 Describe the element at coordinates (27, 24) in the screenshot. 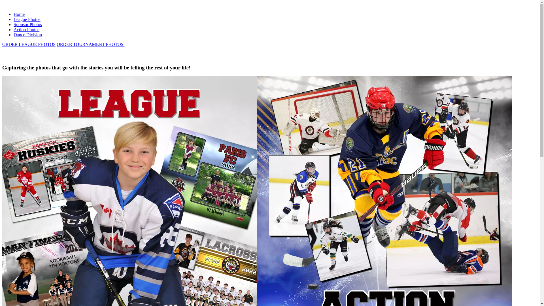

I see `'Sponsor Photos'` at that location.